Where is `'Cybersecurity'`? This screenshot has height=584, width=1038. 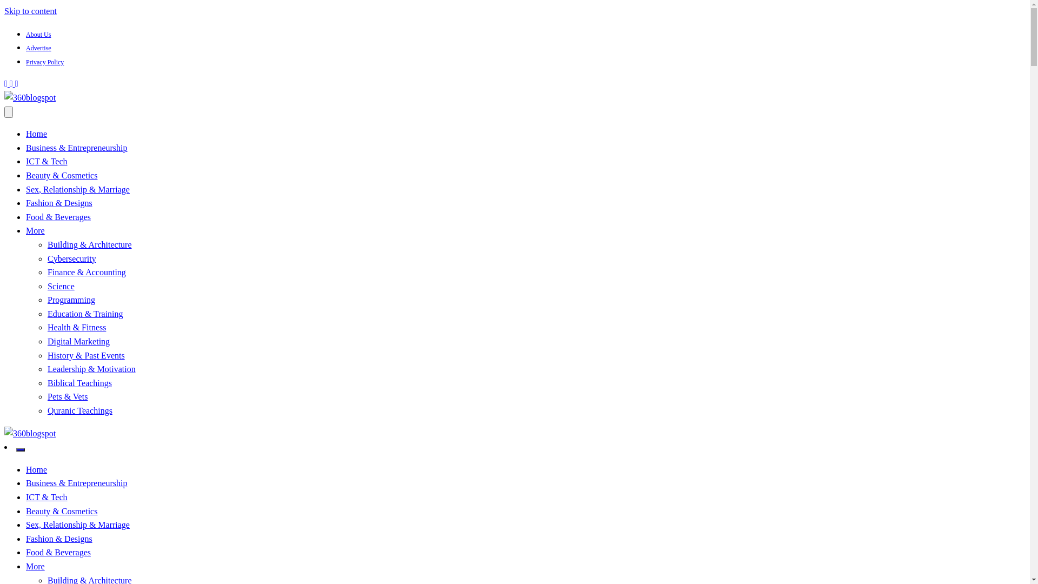 'Cybersecurity' is located at coordinates (71, 258).